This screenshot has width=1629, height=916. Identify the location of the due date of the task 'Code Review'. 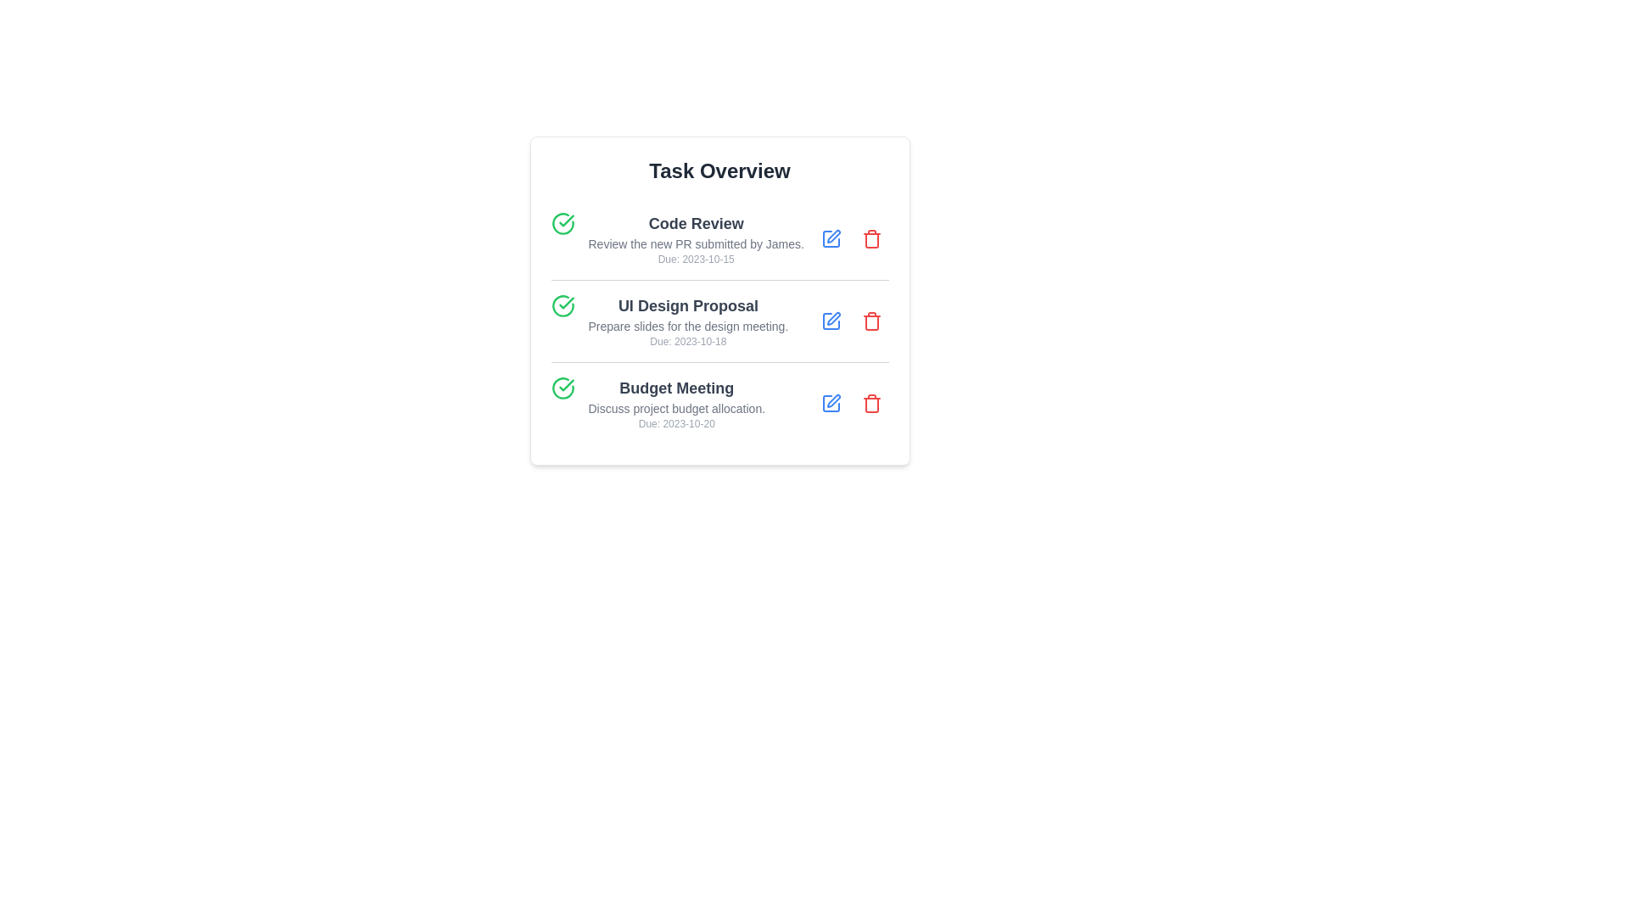
(696, 259).